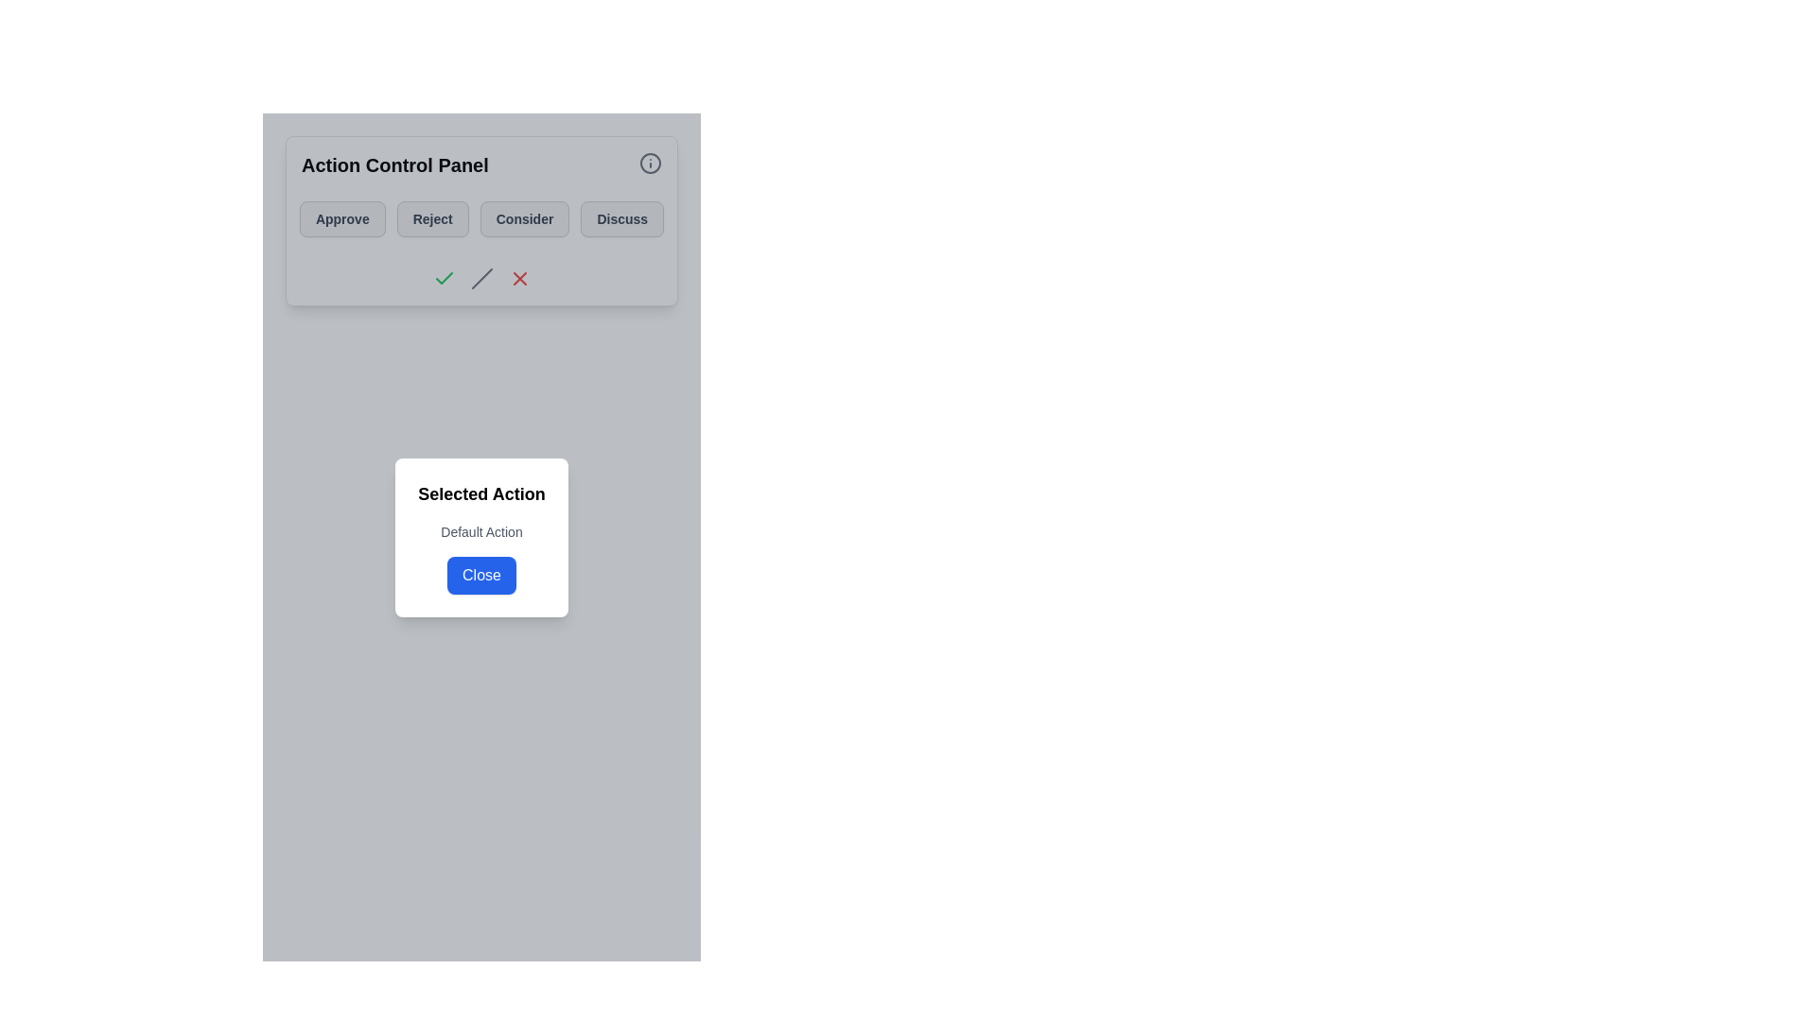  What do you see at coordinates (481, 493) in the screenshot?
I see `the bold, large-sized text label that reads 'Selected Action', located at the top of a white card element` at bounding box center [481, 493].